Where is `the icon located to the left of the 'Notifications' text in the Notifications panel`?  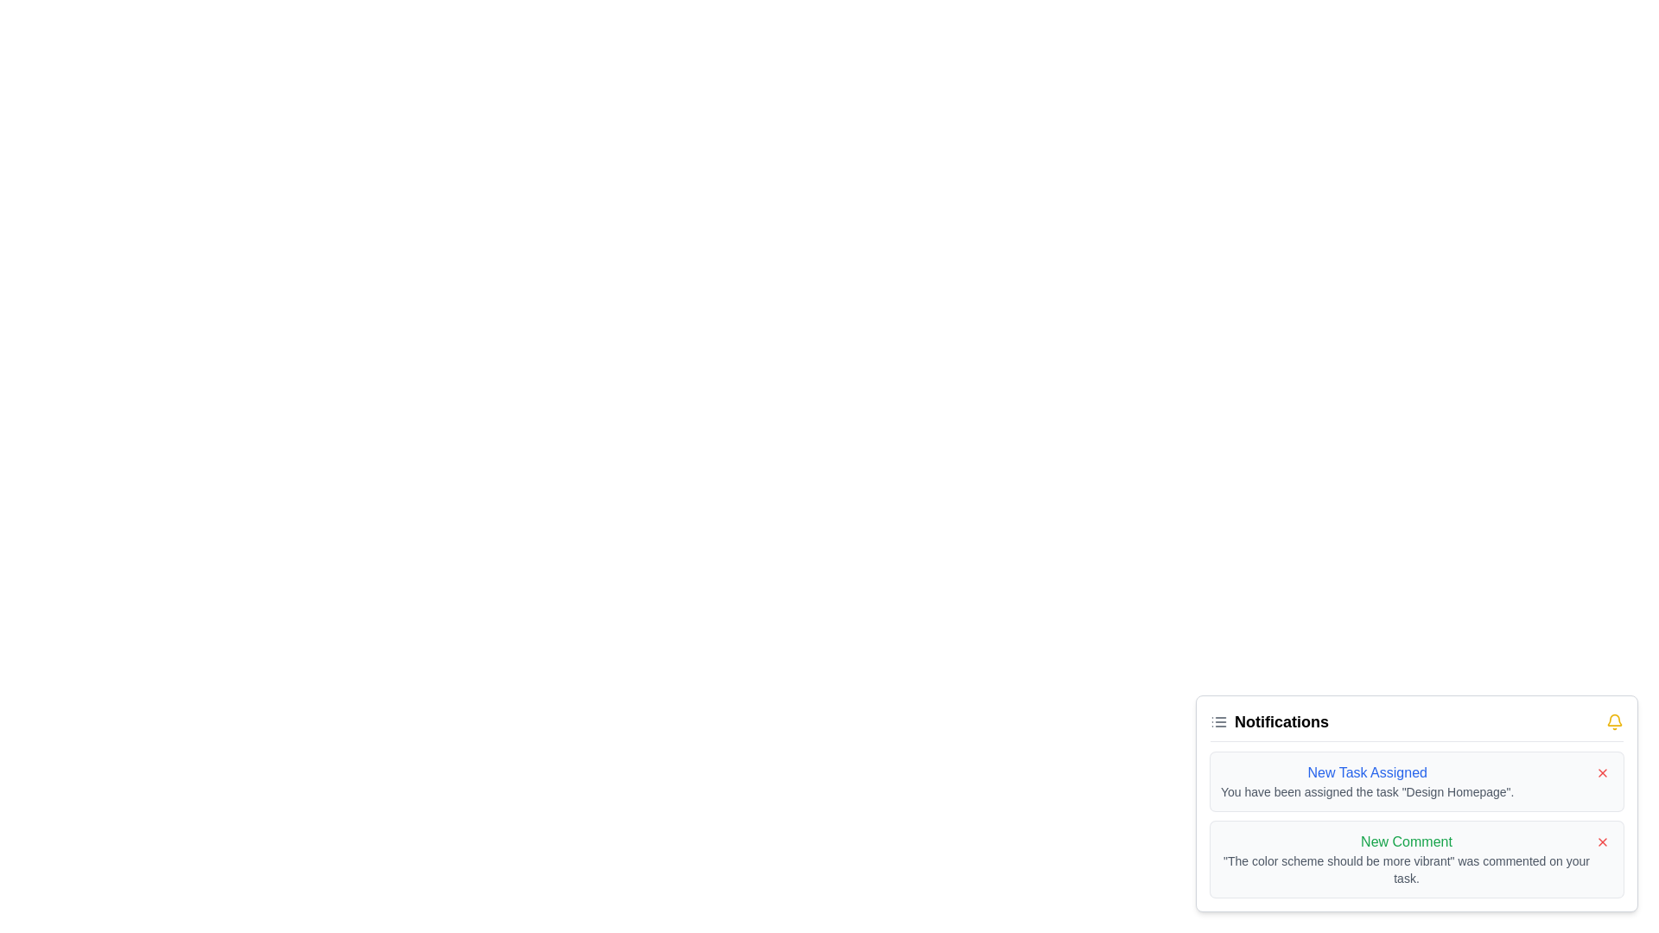
the icon located to the left of the 'Notifications' text in the Notifications panel is located at coordinates (1218, 722).